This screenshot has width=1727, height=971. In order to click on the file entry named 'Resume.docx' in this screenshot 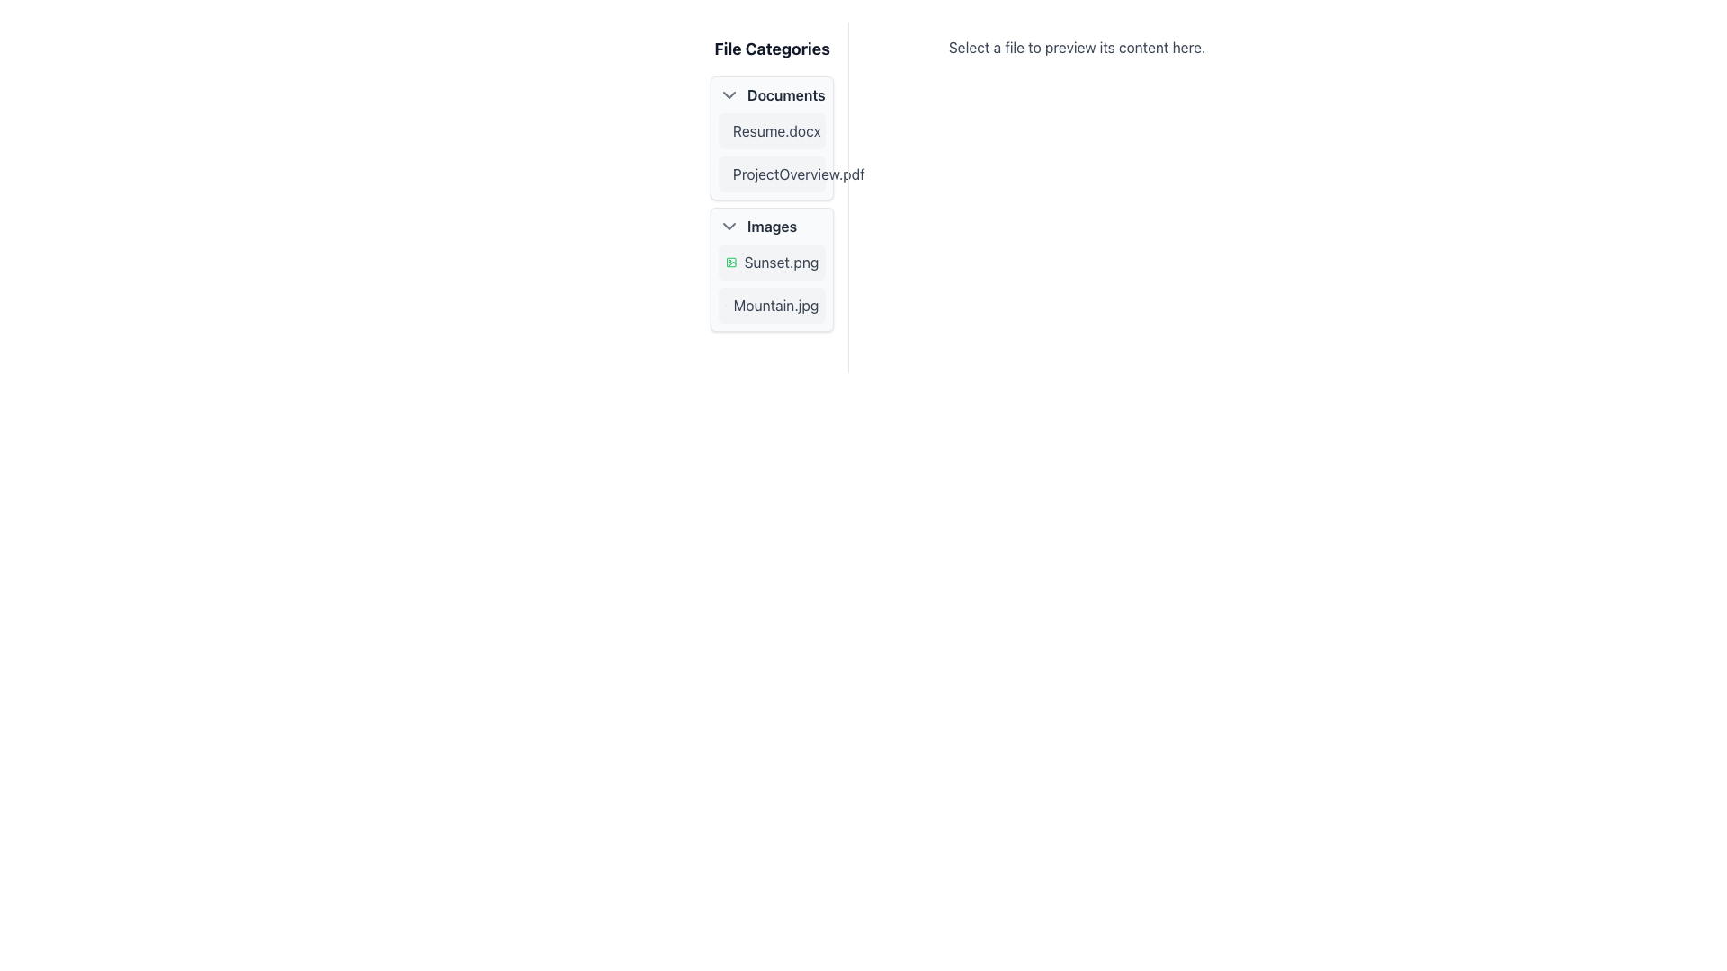, I will do `click(772, 130)`.